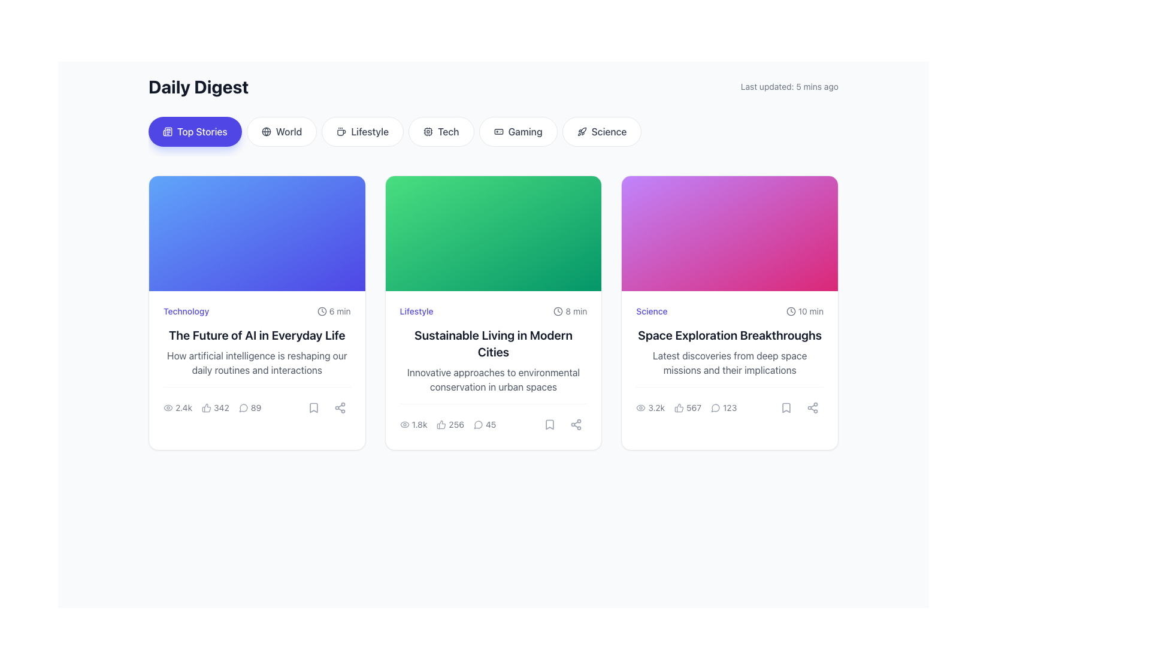  What do you see at coordinates (404, 424) in the screenshot?
I see `the icon indicating the number of views, which is the first icon in the numerical indicator group below the 'Sustainable Living in Modern Cities' card` at bounding box center [404, 424].